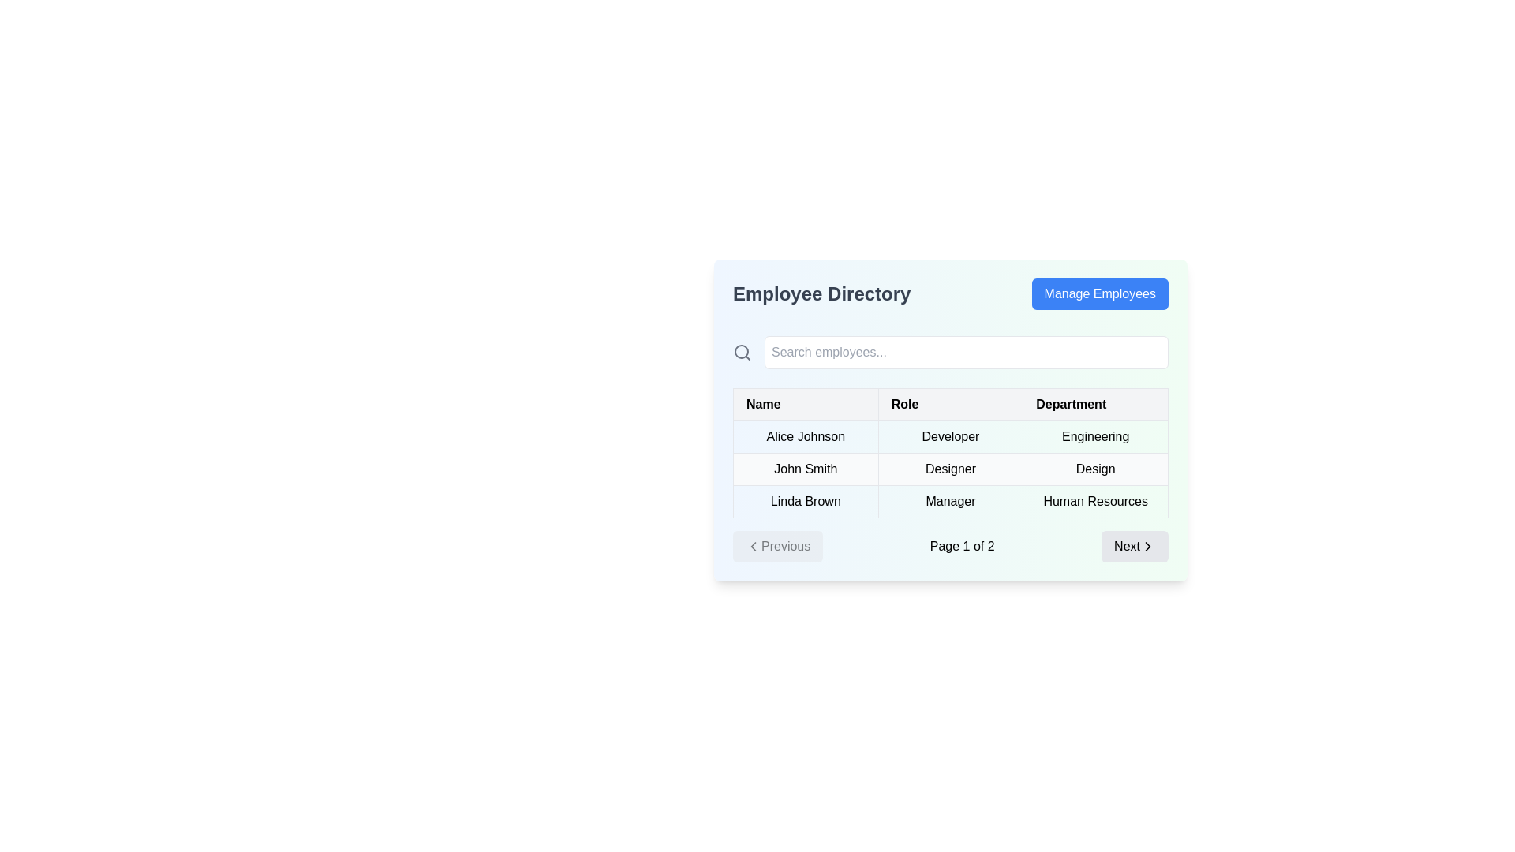 This screenshot has height=852, width=1515. I want to click on the data cell representing the role of the employee 'Linda Brown', which is the second cell in the row of the table, so click(949, 502).